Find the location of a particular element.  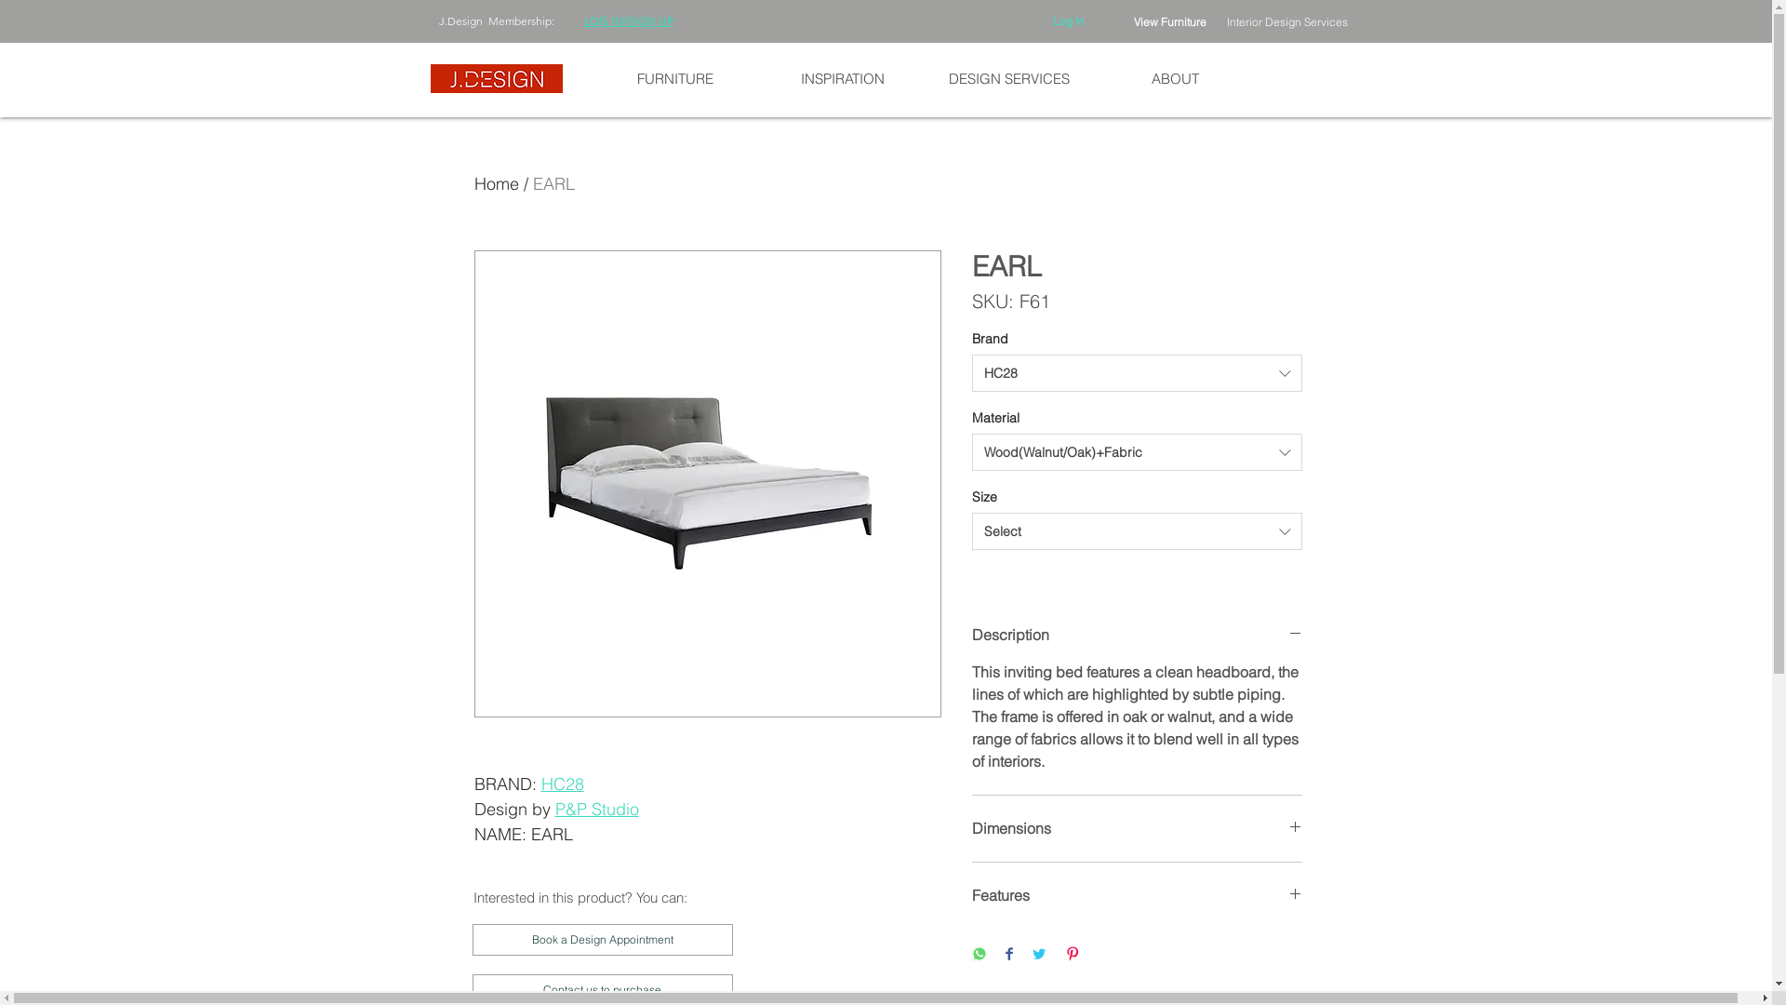

'HC28' is located at coordinates (561, 784).